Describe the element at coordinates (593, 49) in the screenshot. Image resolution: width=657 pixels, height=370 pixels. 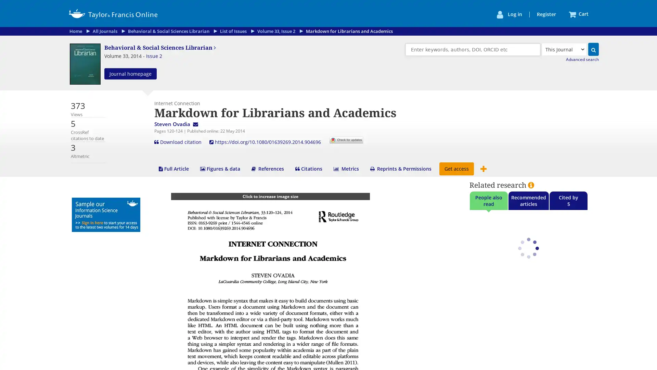
I see `Search` at that location.